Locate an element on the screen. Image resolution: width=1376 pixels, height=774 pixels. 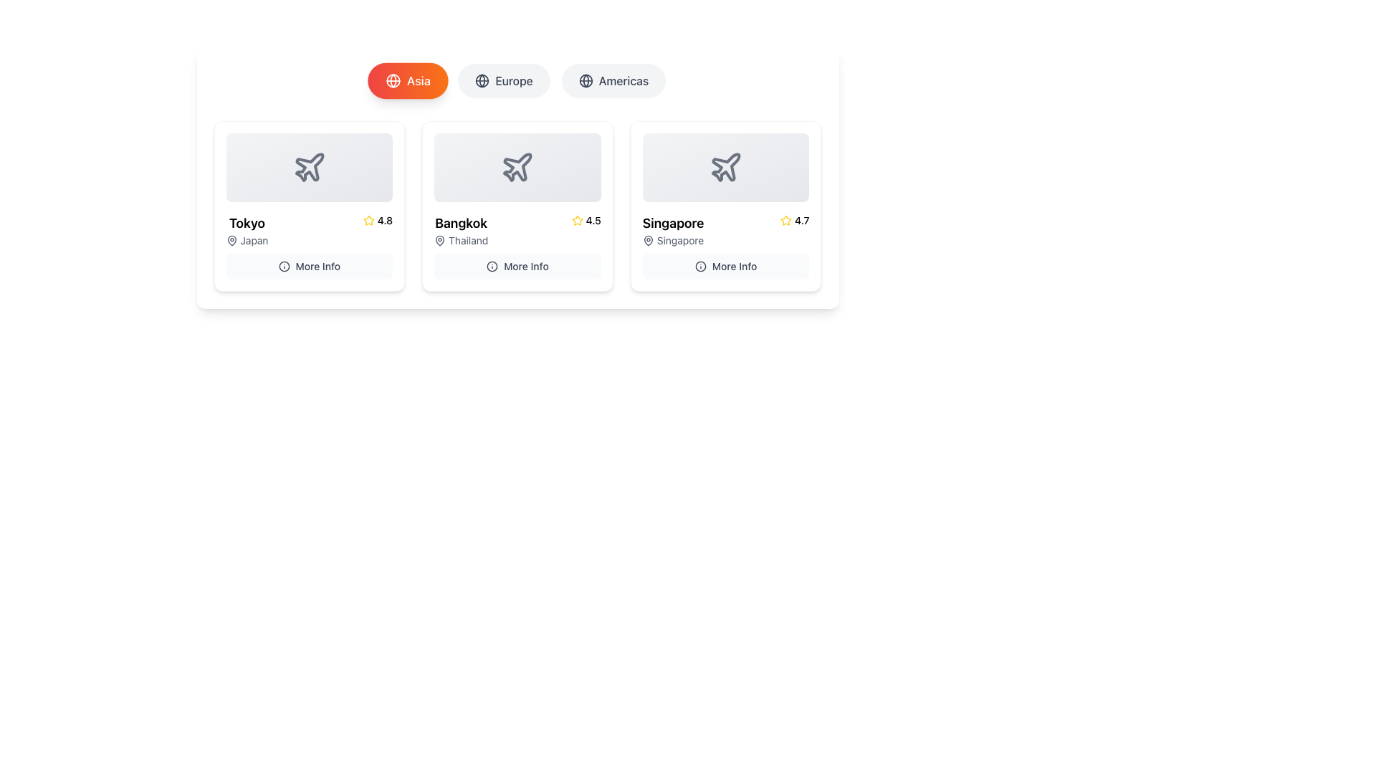
the plane icon located in the upper section of the Tokyo city card, which turns blue when hovered over is located at coordinates (309, 166).